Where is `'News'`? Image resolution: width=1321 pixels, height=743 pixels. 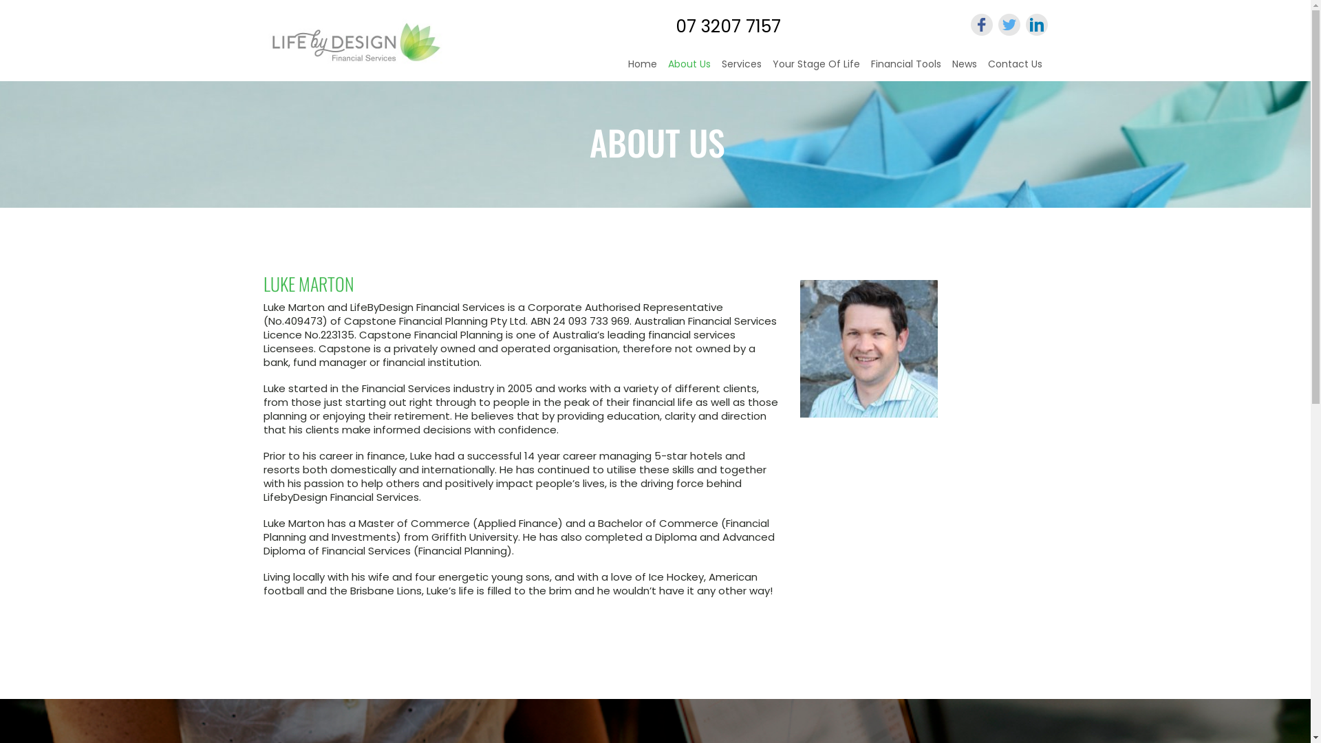 'News' is located at coordinates (963, 61).